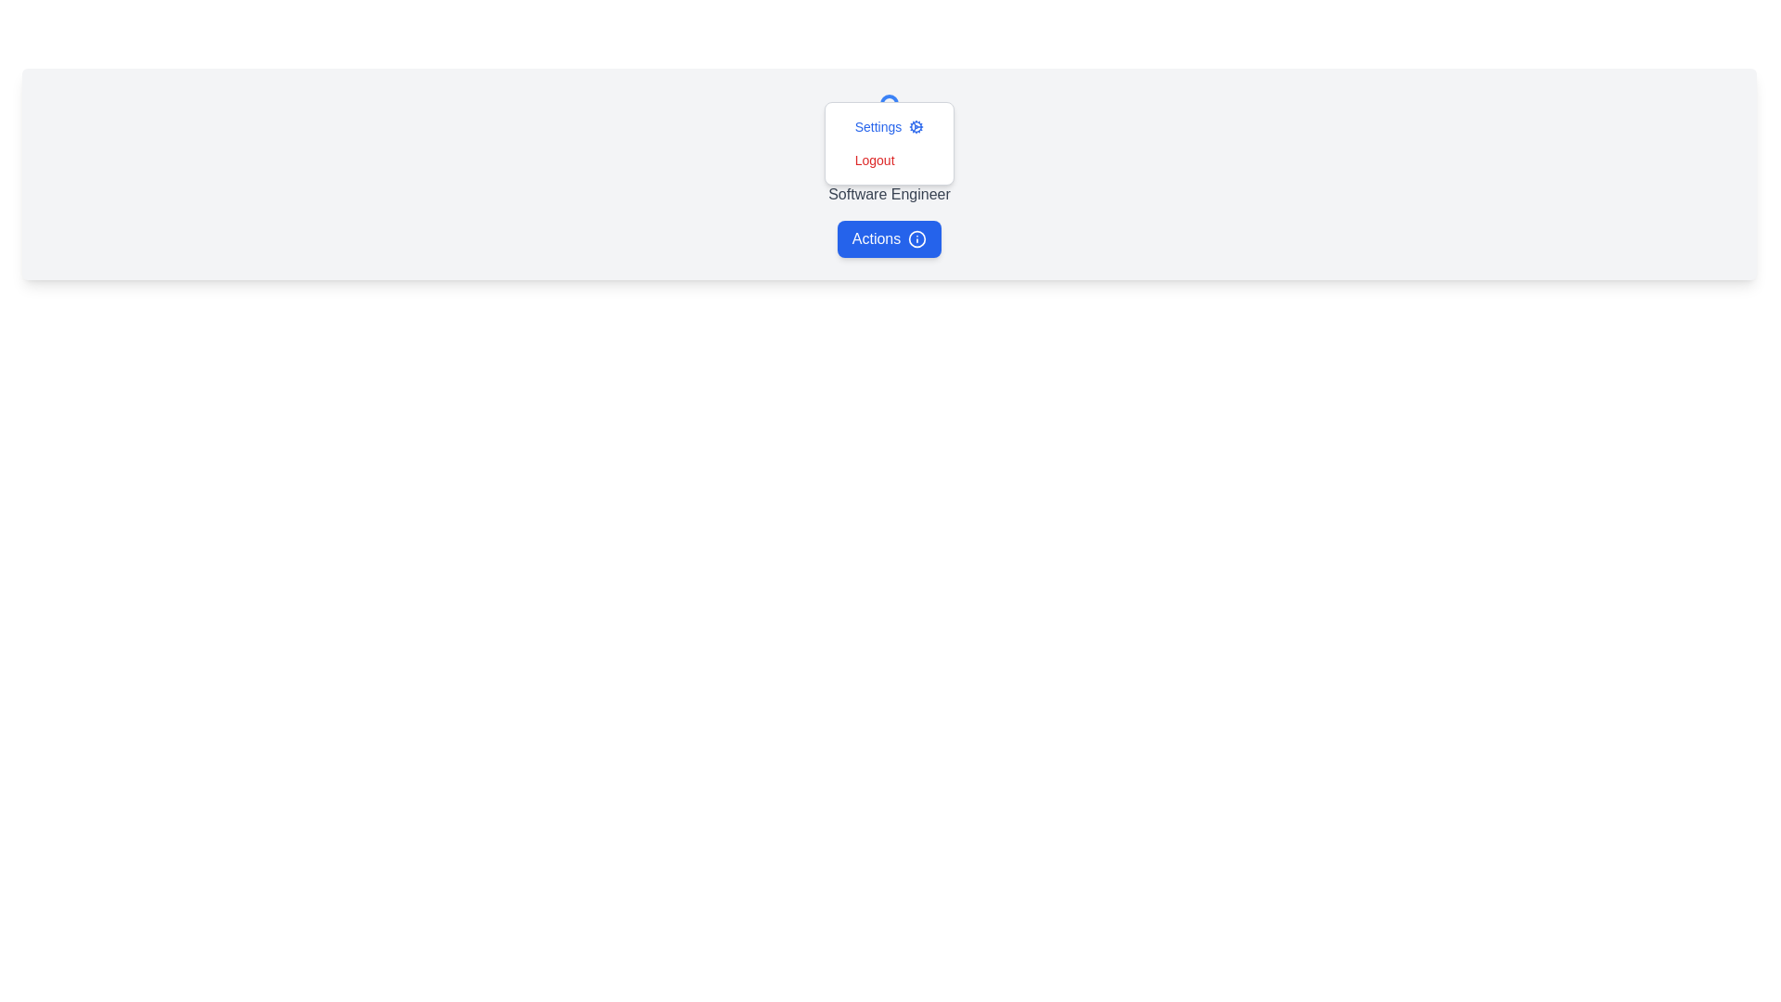 This screenshot has width=1781, height=1002. Describe the element at coordinates (917, 238) in the screenshot. I see `the information icon styled as a circle with an 'i' in the center, located on the right side inside the 'Actions' button at the bottom of a dropdown menu interface` at that location.